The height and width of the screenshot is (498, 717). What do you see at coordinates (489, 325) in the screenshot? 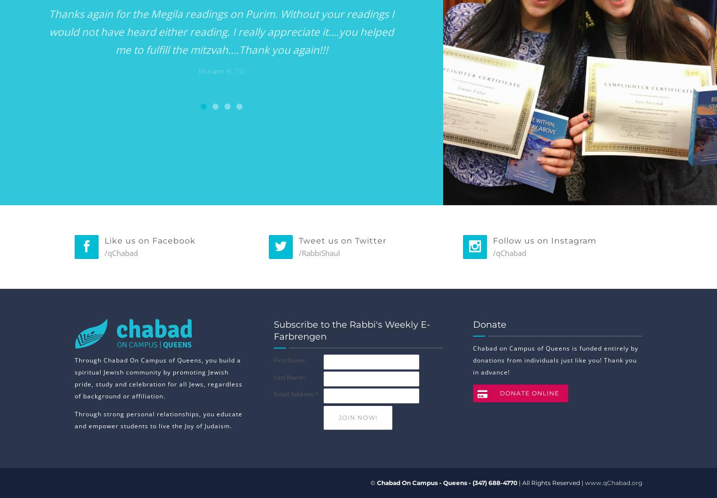
I see `'Donate'` at bounding box center [489, 325].